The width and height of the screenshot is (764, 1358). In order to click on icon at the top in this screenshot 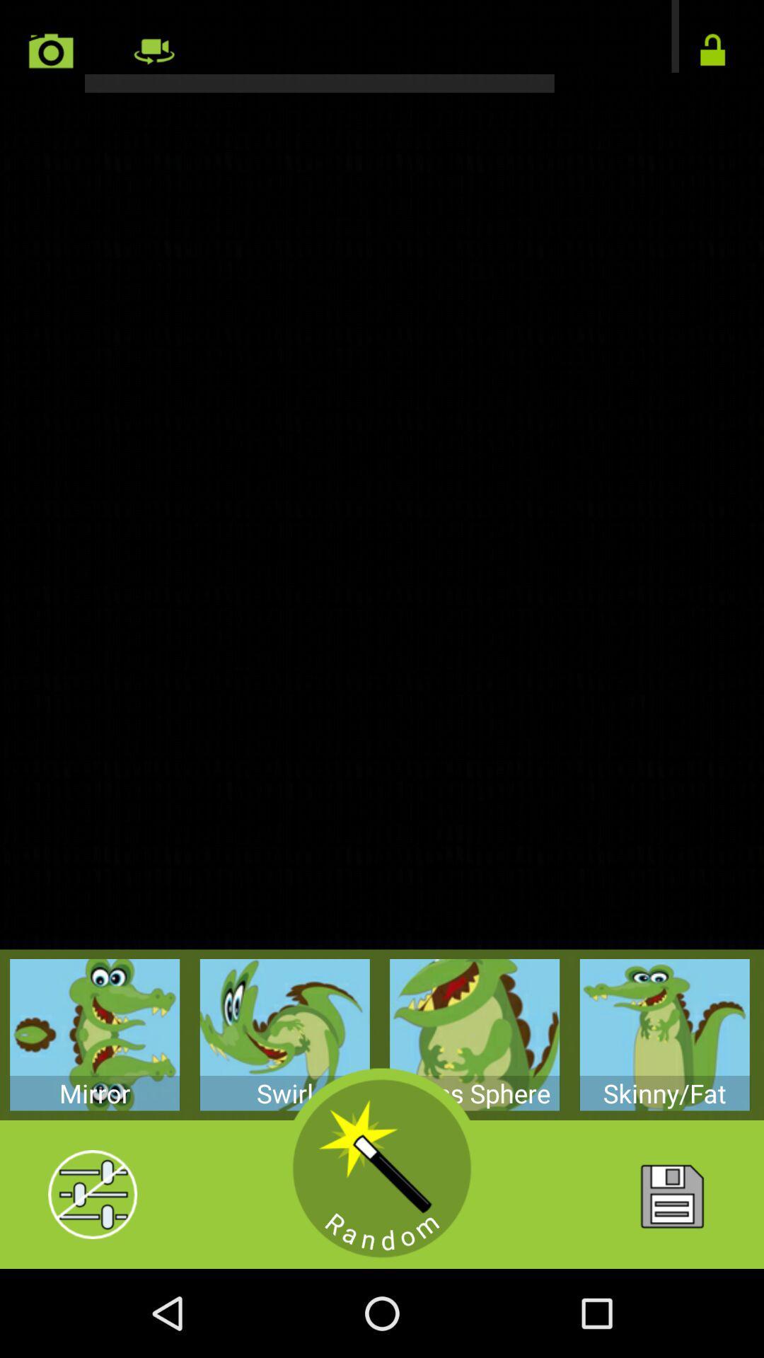, I will do `click(382, 46)`.